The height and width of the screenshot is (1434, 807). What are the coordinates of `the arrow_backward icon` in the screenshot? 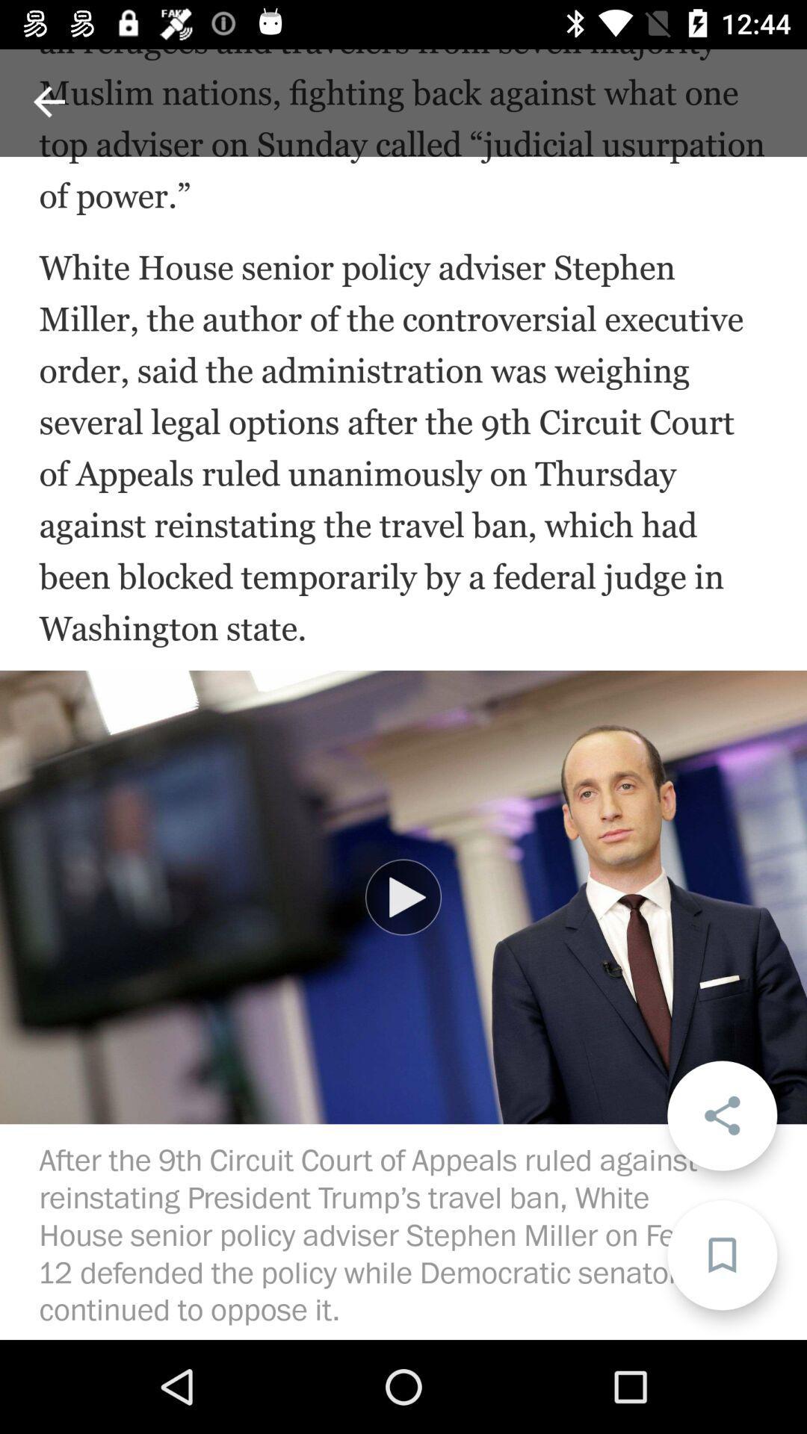 It's located at (48, 101).